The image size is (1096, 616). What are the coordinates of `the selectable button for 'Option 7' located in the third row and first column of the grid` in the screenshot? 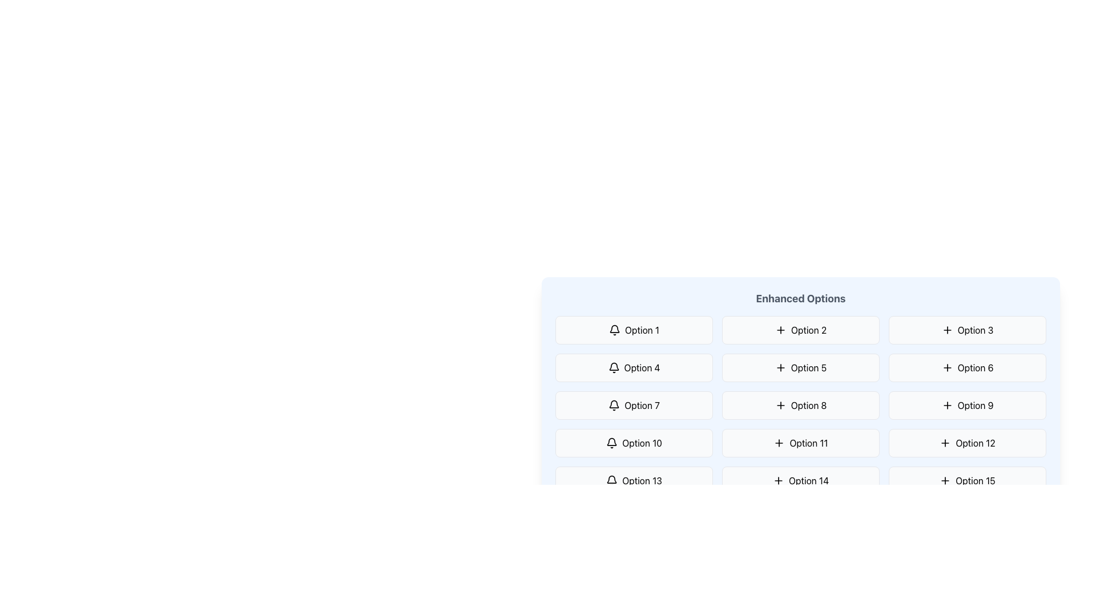 It's located at (633, 404).